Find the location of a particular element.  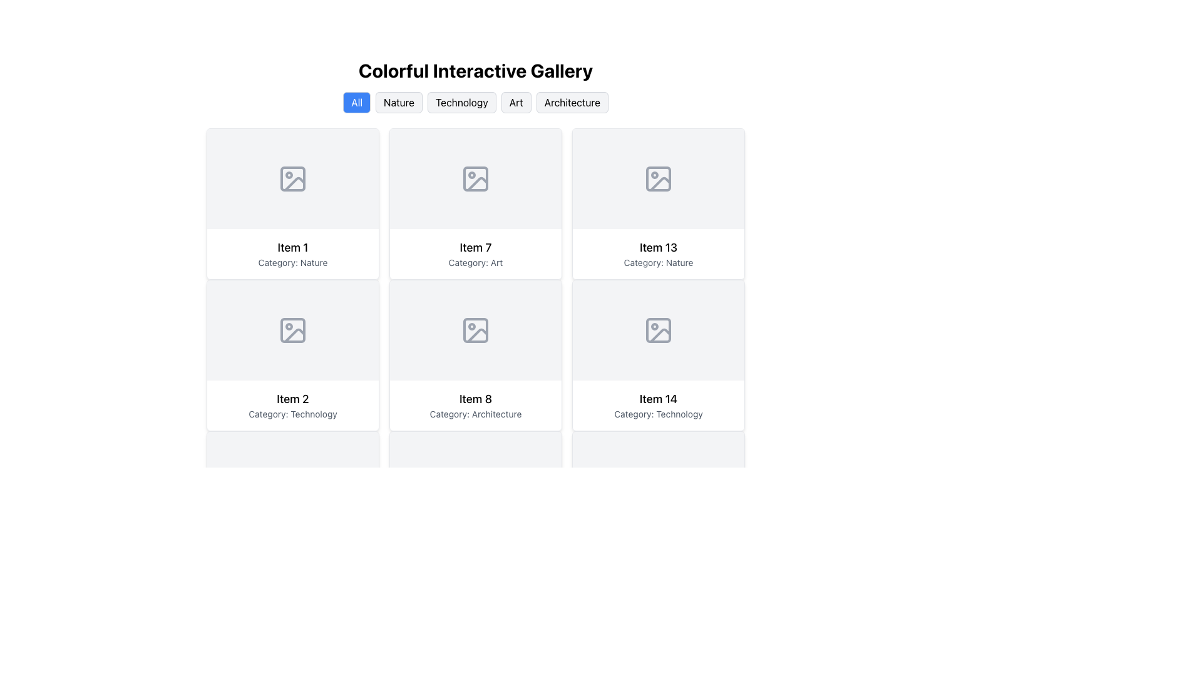

the text label indicating that 'Item 7' belongs to the 'Art' category, which is centrally located below the 'Item 7' label is located at coordinates (475, 262).